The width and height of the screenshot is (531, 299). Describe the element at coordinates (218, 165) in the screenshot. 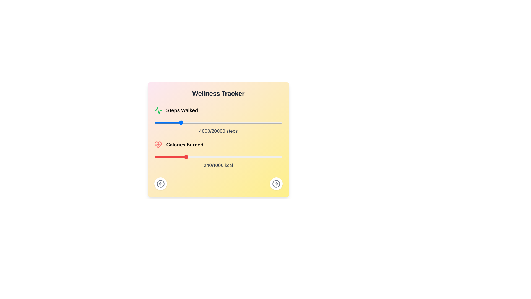

I see `the Text Label that informs users about current and target calorie metrics, located below the progress bar for calorie tracking in the 'Calories Burned' section` at that location.